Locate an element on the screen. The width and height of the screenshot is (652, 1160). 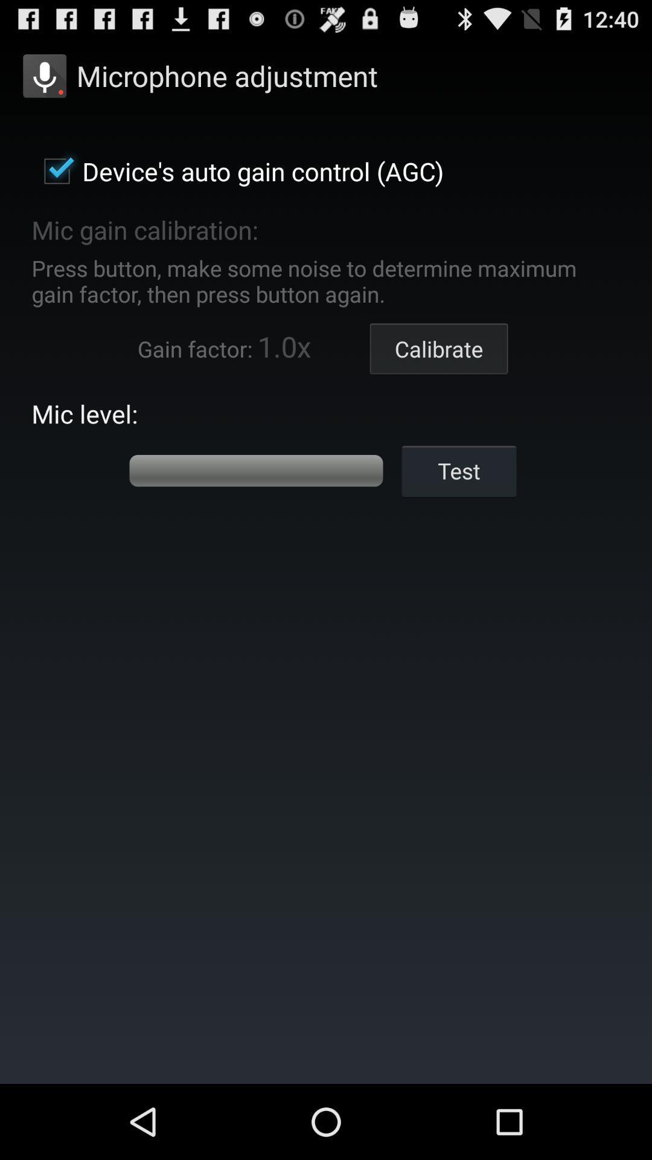
the icon below the press button make icon is located at coordinates (439, 348).